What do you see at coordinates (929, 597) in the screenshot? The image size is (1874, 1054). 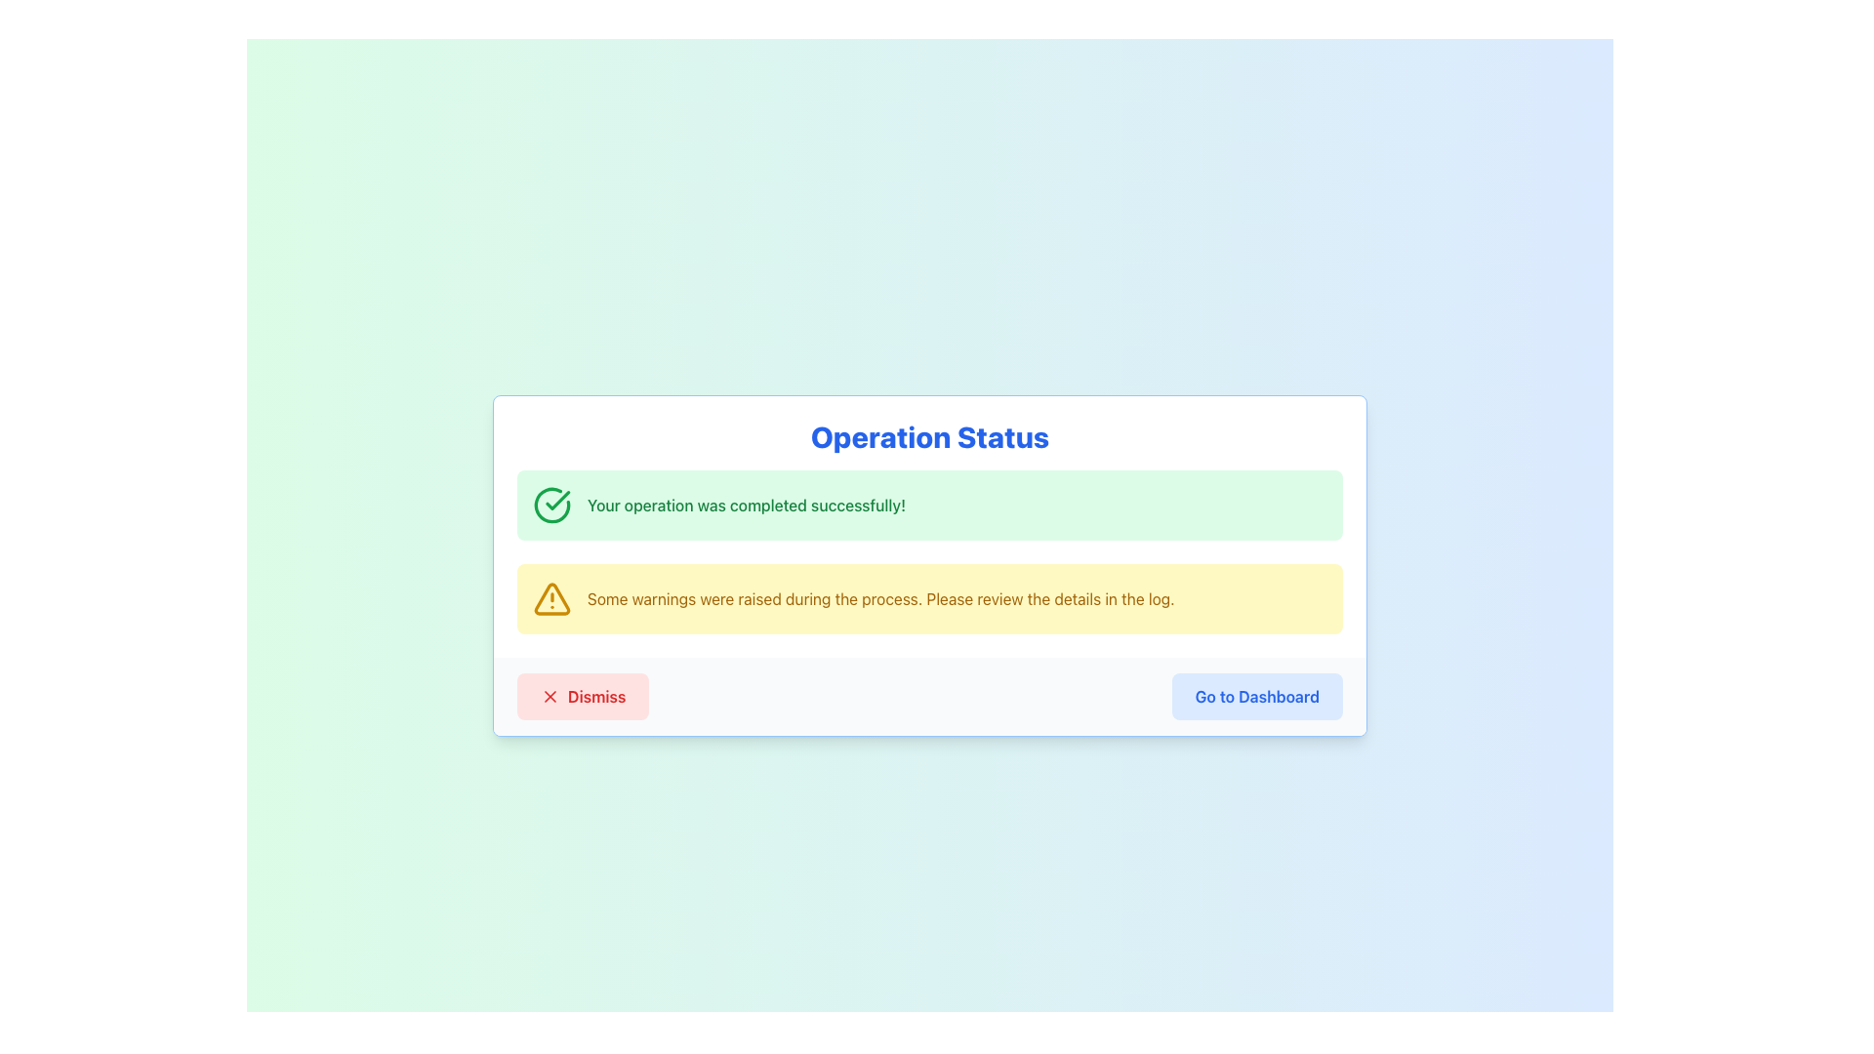 I see `the notification box with a yellow background that contains a warning icon and a message about raised warnings` at bounding box center [929, 597].